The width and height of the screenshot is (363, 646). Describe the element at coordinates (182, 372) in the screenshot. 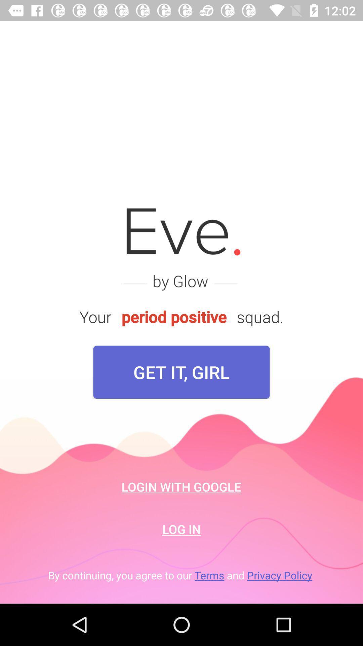

I see `get it, girl icon` at that location.